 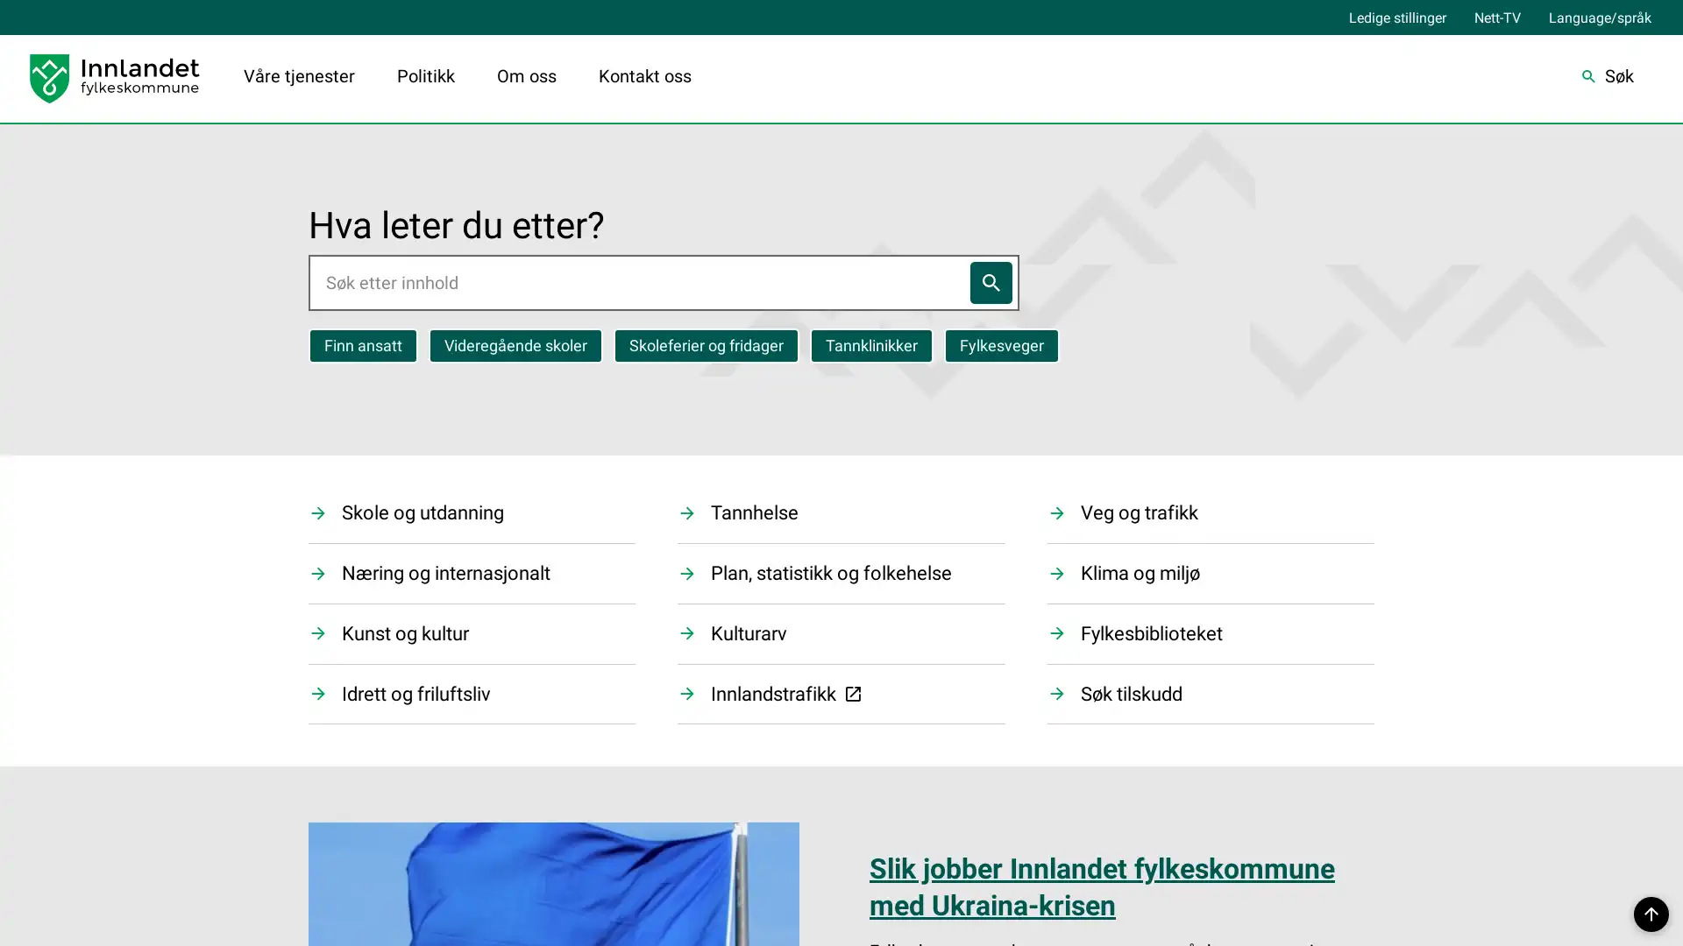 What do you see at coordinates (990, 280) in the screenshot?
I see `Sk` at bounding box center [990, 280].